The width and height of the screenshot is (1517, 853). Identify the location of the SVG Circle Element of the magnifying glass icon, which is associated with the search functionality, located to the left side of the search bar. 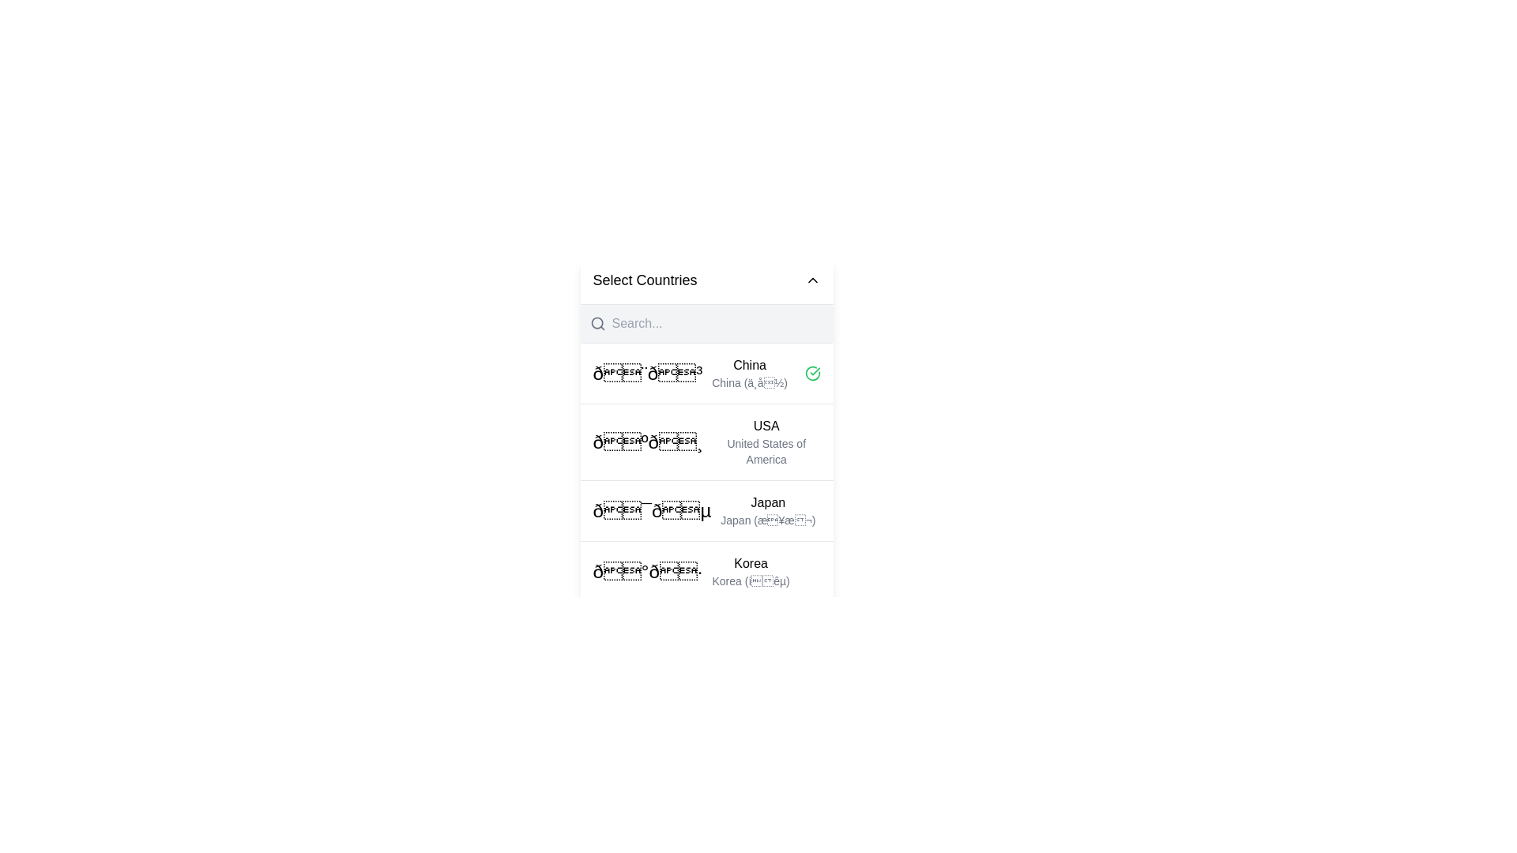
(596, 322).